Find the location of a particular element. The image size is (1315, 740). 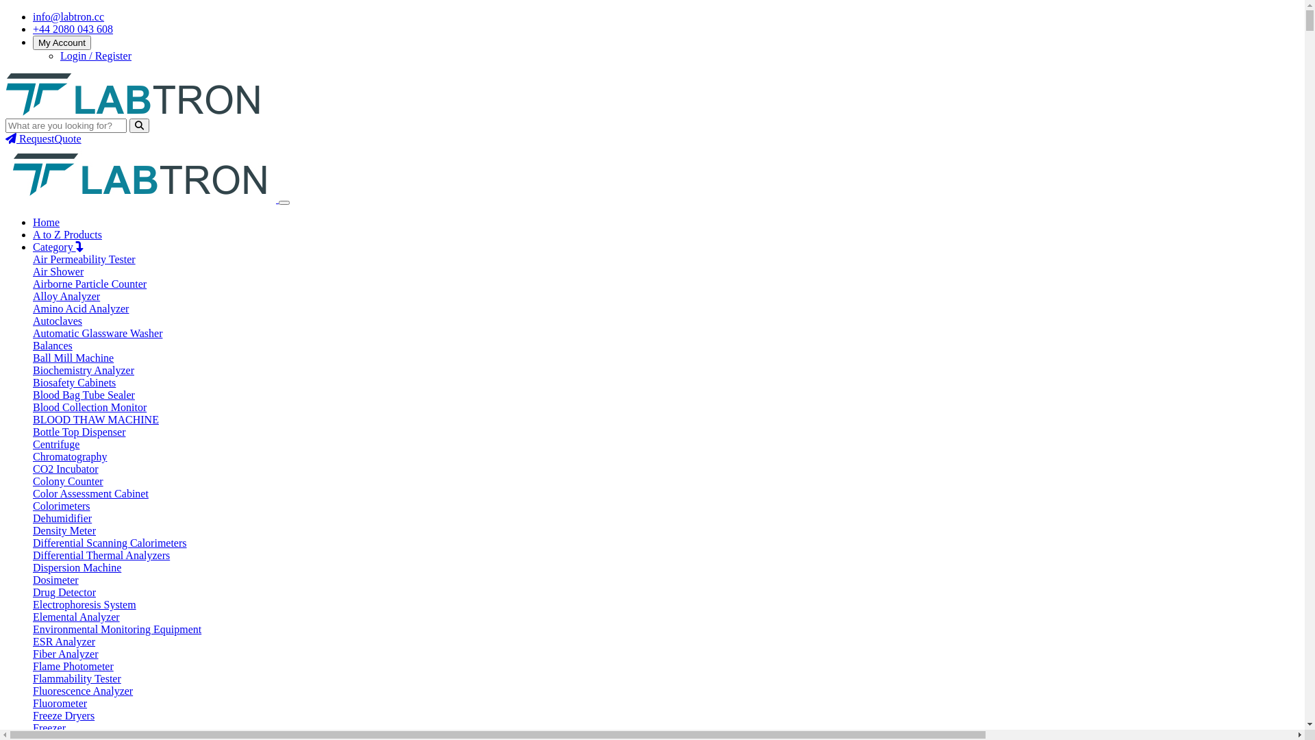

'Fluorometer' is located at coordinates (59, 703).